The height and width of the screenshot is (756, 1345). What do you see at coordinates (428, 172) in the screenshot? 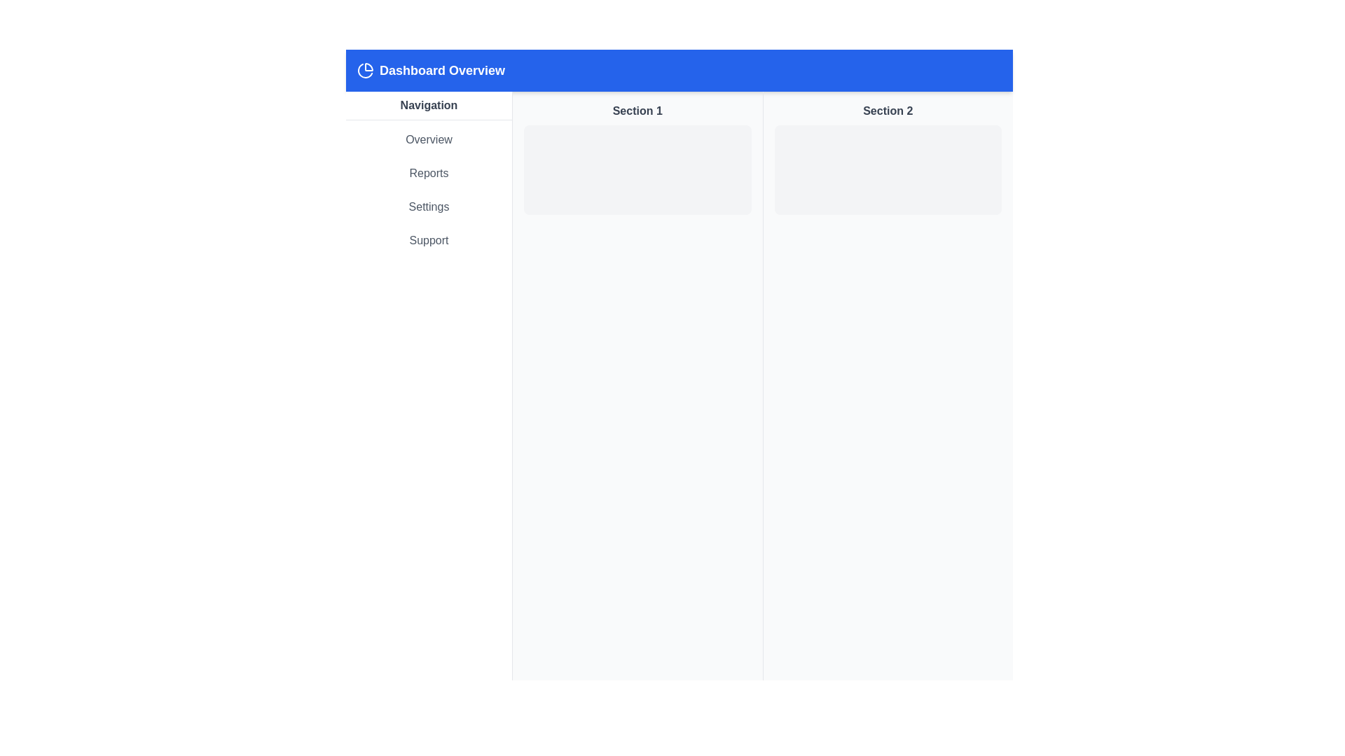
I see `the 'Reports' navigation link in the left-hand navigation panel` at bounding box center [428, 172].